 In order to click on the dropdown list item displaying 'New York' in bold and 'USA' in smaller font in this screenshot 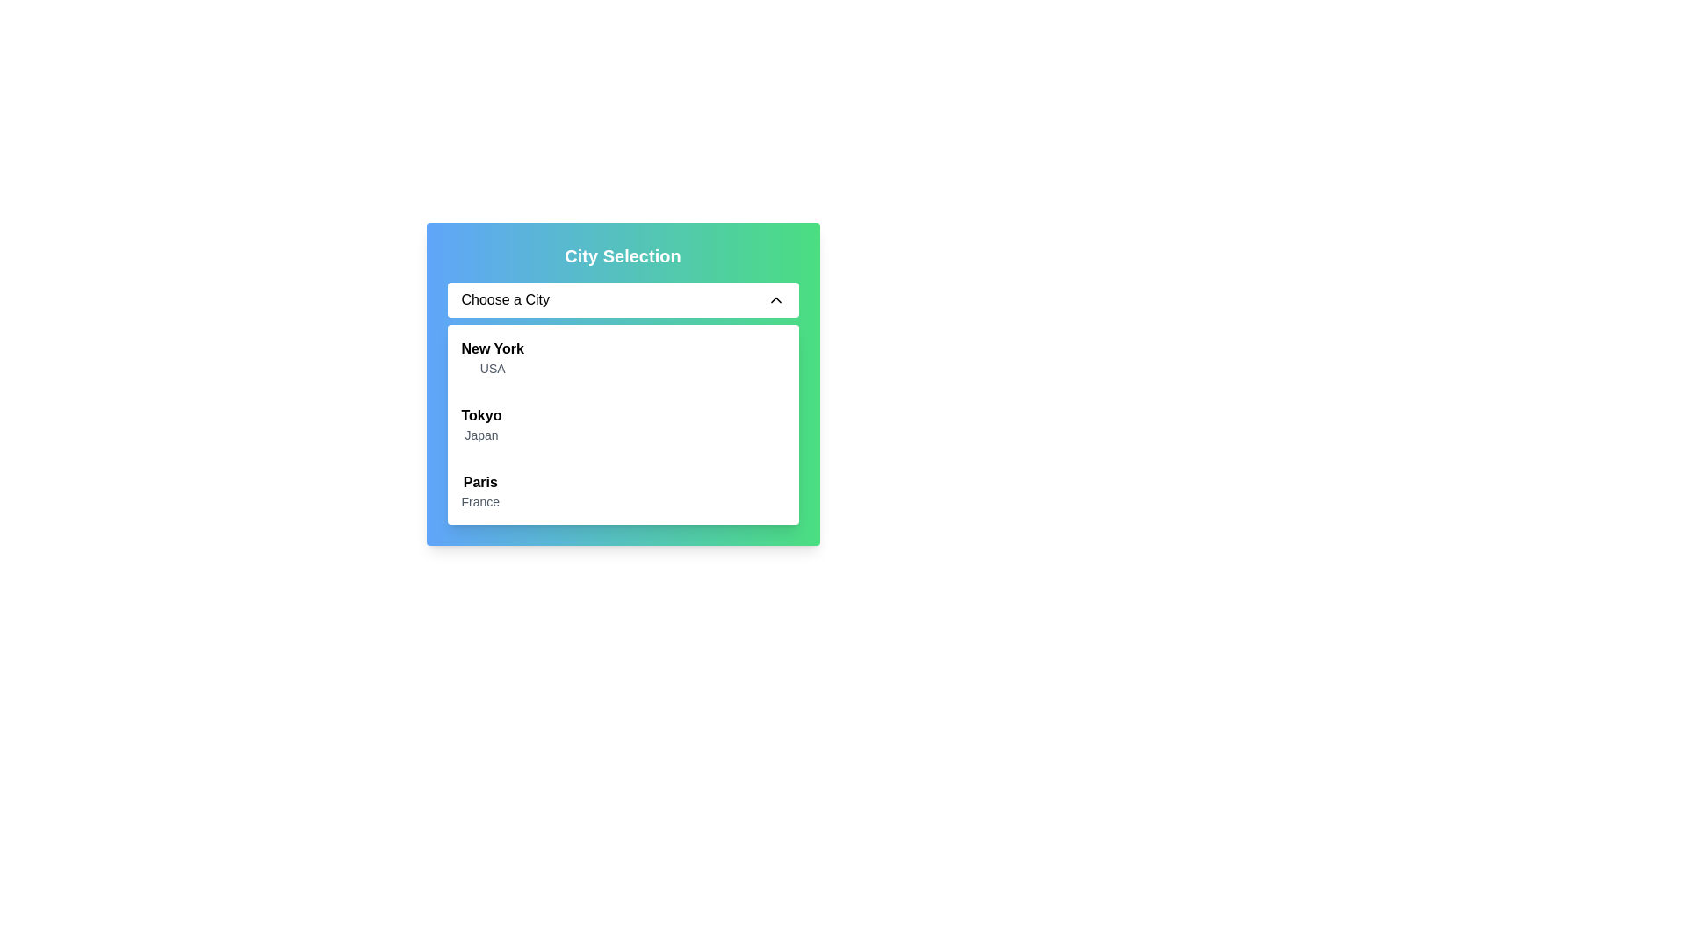, I will do `click(492, 357)`.